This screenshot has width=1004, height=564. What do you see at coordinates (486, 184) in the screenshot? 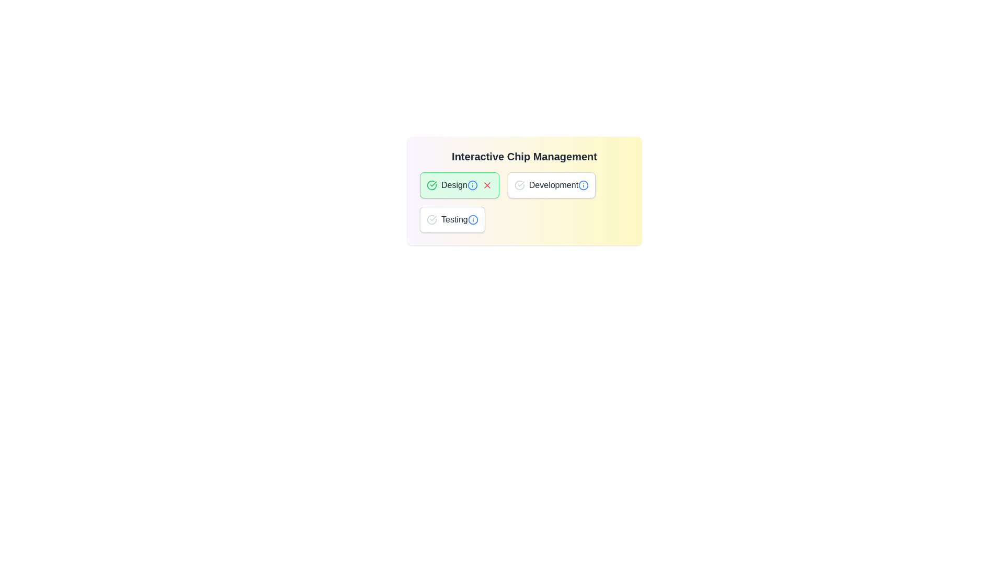
I see `the close button of the 'Design' chip to deselect it` at bounding box center [486, 184].